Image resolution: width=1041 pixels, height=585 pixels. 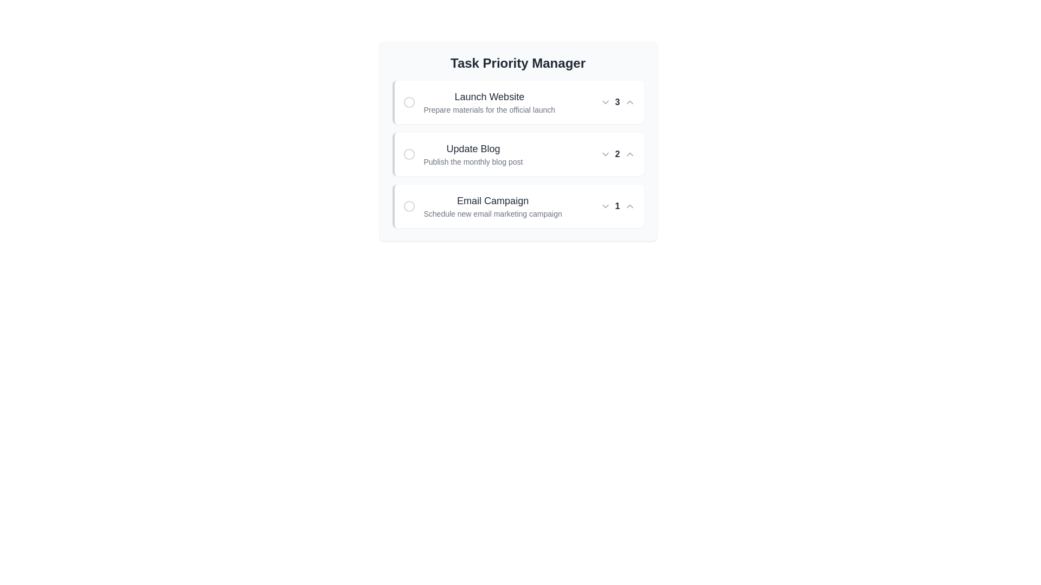 What do you see at coordinates (618, 102) in the screenshot?
I see `the Text Display element that shows the numerical value '3' in bold dark gray font, located in the center of the 'Launch Website' task row, to the right of the task name and left of the arrow controls` at bounding box center [618, 102].